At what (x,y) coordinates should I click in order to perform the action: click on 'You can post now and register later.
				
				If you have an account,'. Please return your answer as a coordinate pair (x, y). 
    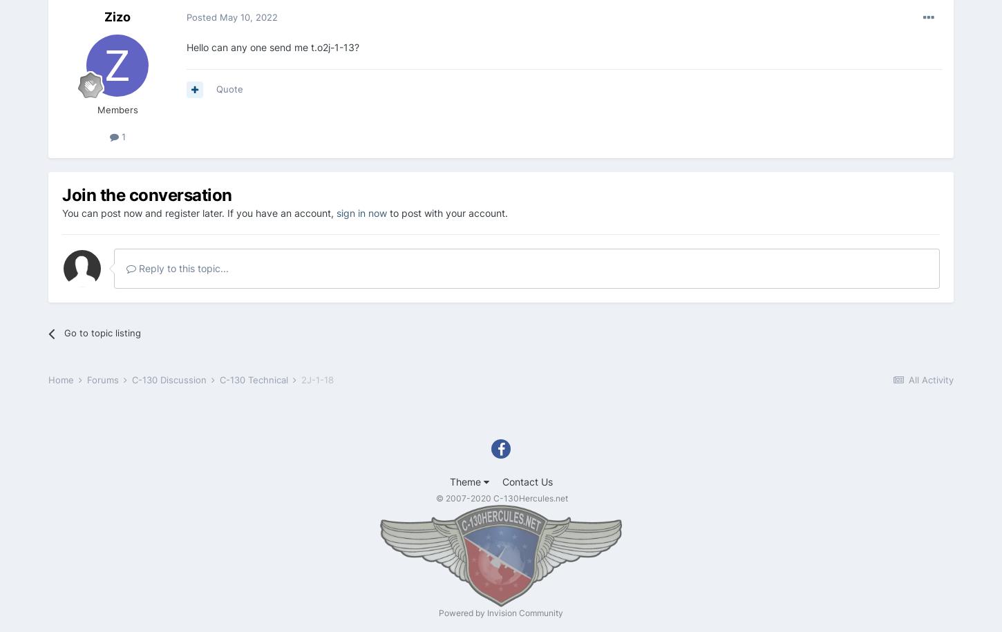
    Looking at the image, I should click on (199, 212).